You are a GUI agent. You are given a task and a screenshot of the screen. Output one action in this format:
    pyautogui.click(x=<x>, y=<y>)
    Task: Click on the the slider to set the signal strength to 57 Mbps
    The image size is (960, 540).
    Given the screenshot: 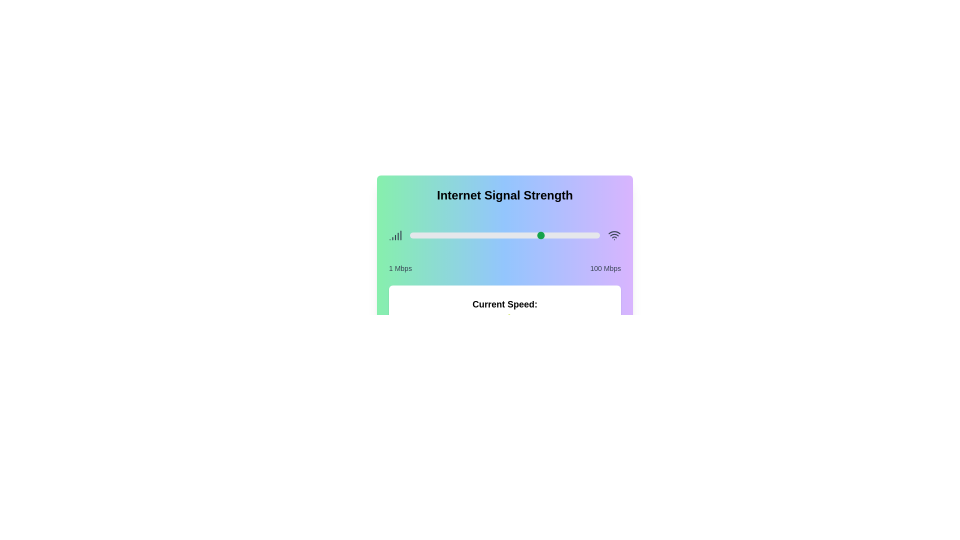 What is the action you would take?
    pyautogui.click(x=517, y=235)
    